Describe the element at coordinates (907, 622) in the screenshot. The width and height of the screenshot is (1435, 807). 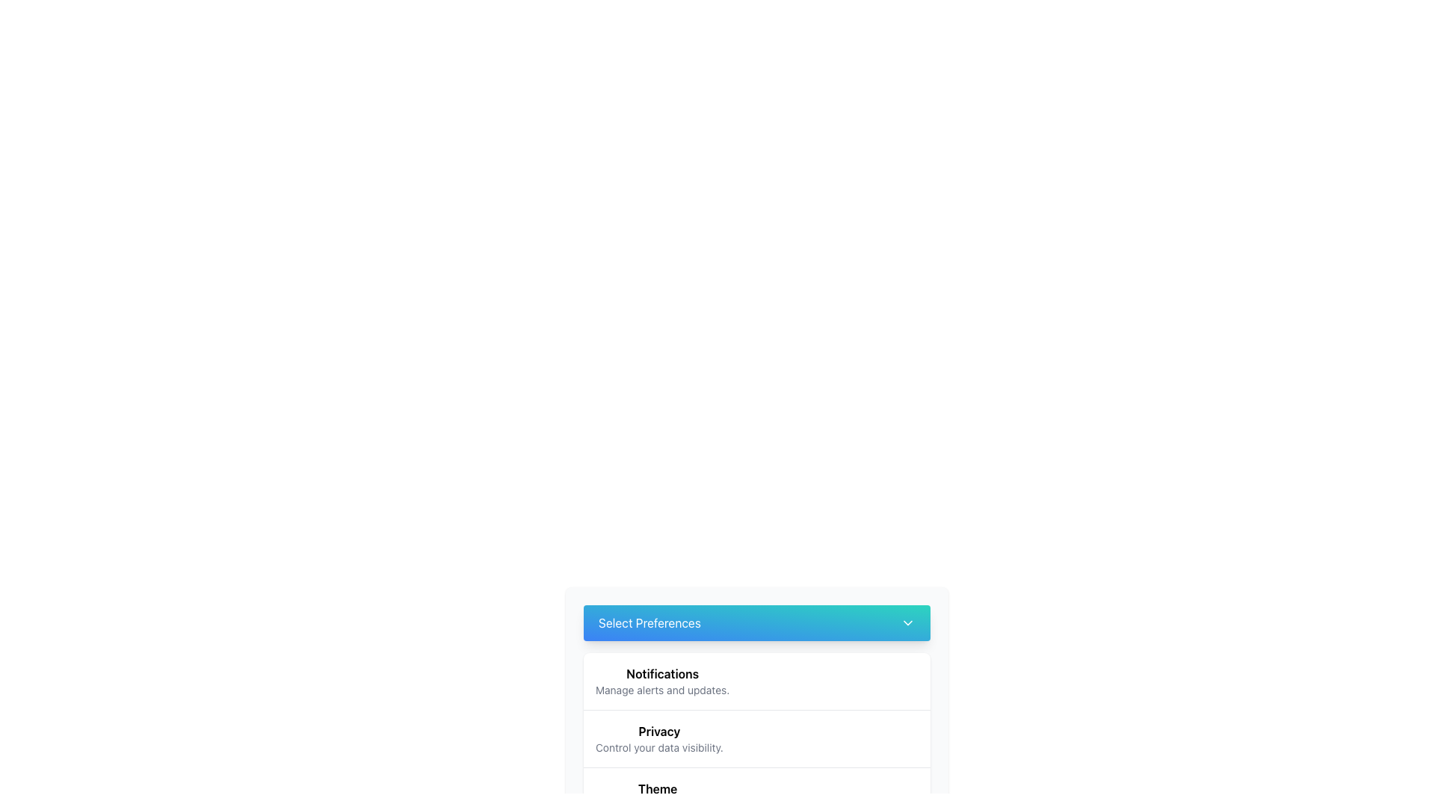
I see `the Dropdown Indicator Icon located at the far right of the 'Select Preferences' title bar` at that location.